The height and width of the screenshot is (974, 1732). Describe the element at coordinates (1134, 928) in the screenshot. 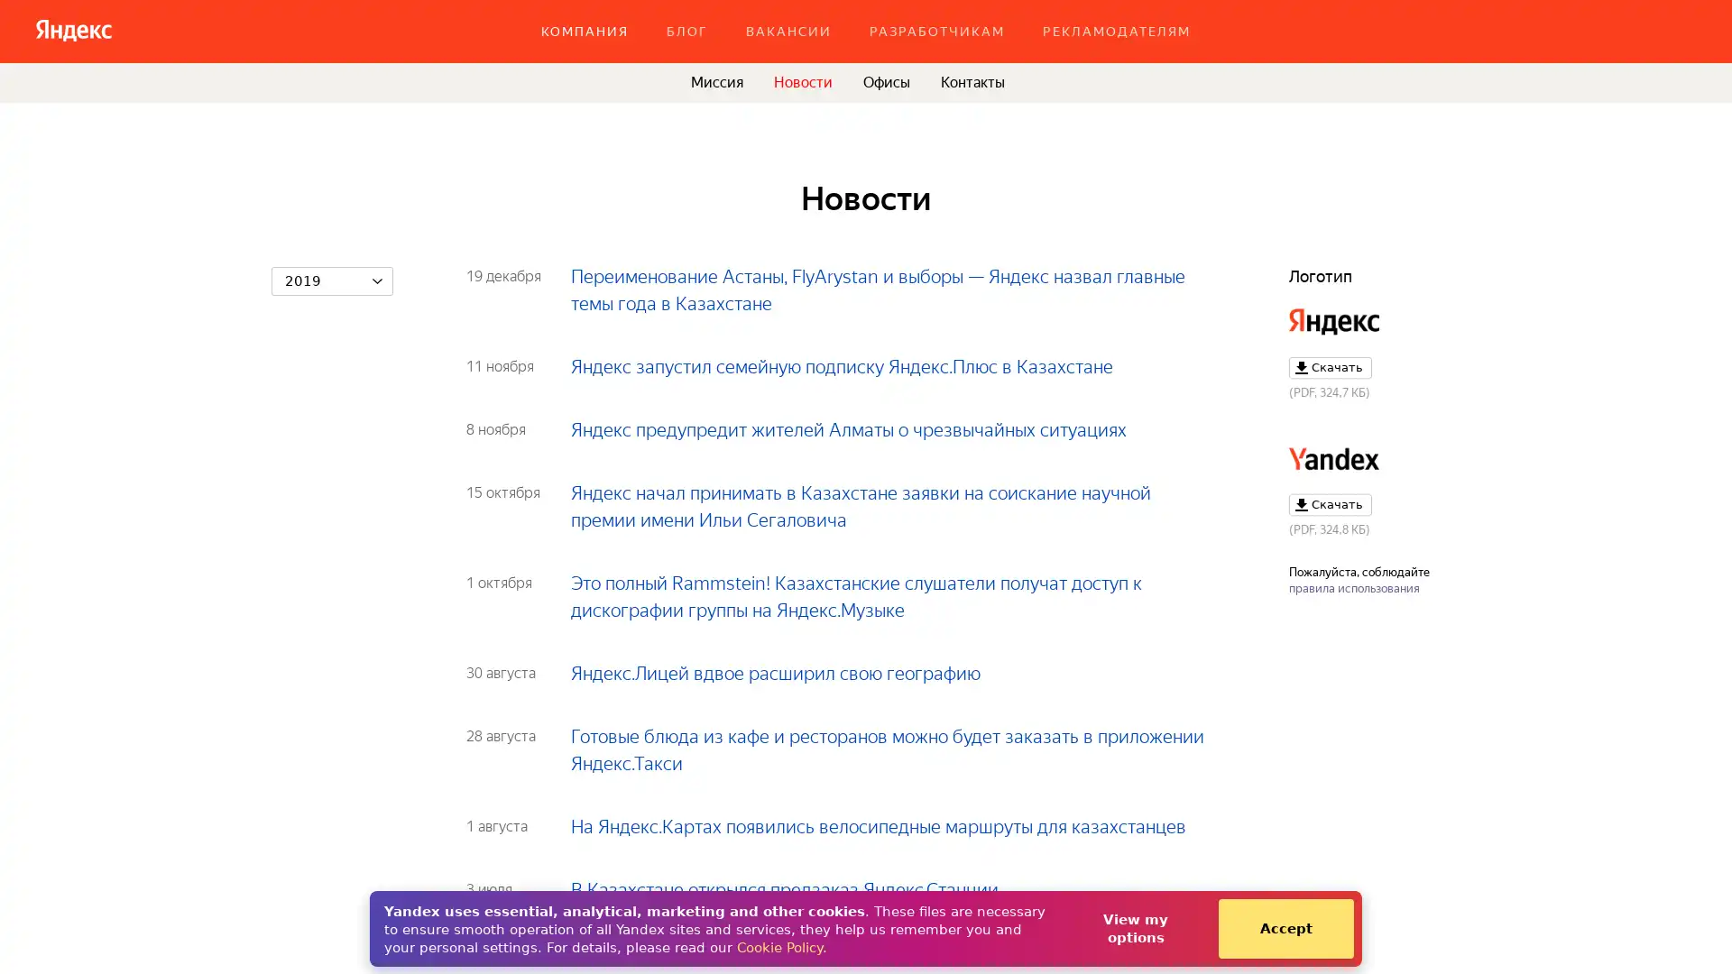

I see `View my options` at that location.